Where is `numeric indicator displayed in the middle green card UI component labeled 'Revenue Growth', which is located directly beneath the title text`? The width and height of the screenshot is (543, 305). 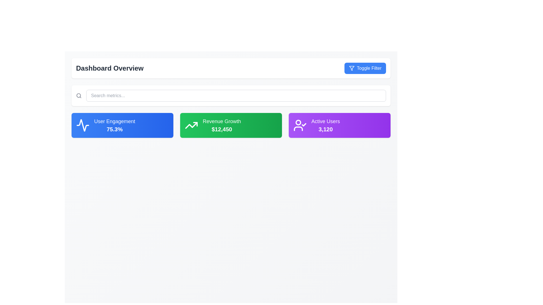 numeric indicator displayed in the middle green card UI component labeled 'Revenue Growth', which is located directly beneath the title text is located at coordinates (221, 129).